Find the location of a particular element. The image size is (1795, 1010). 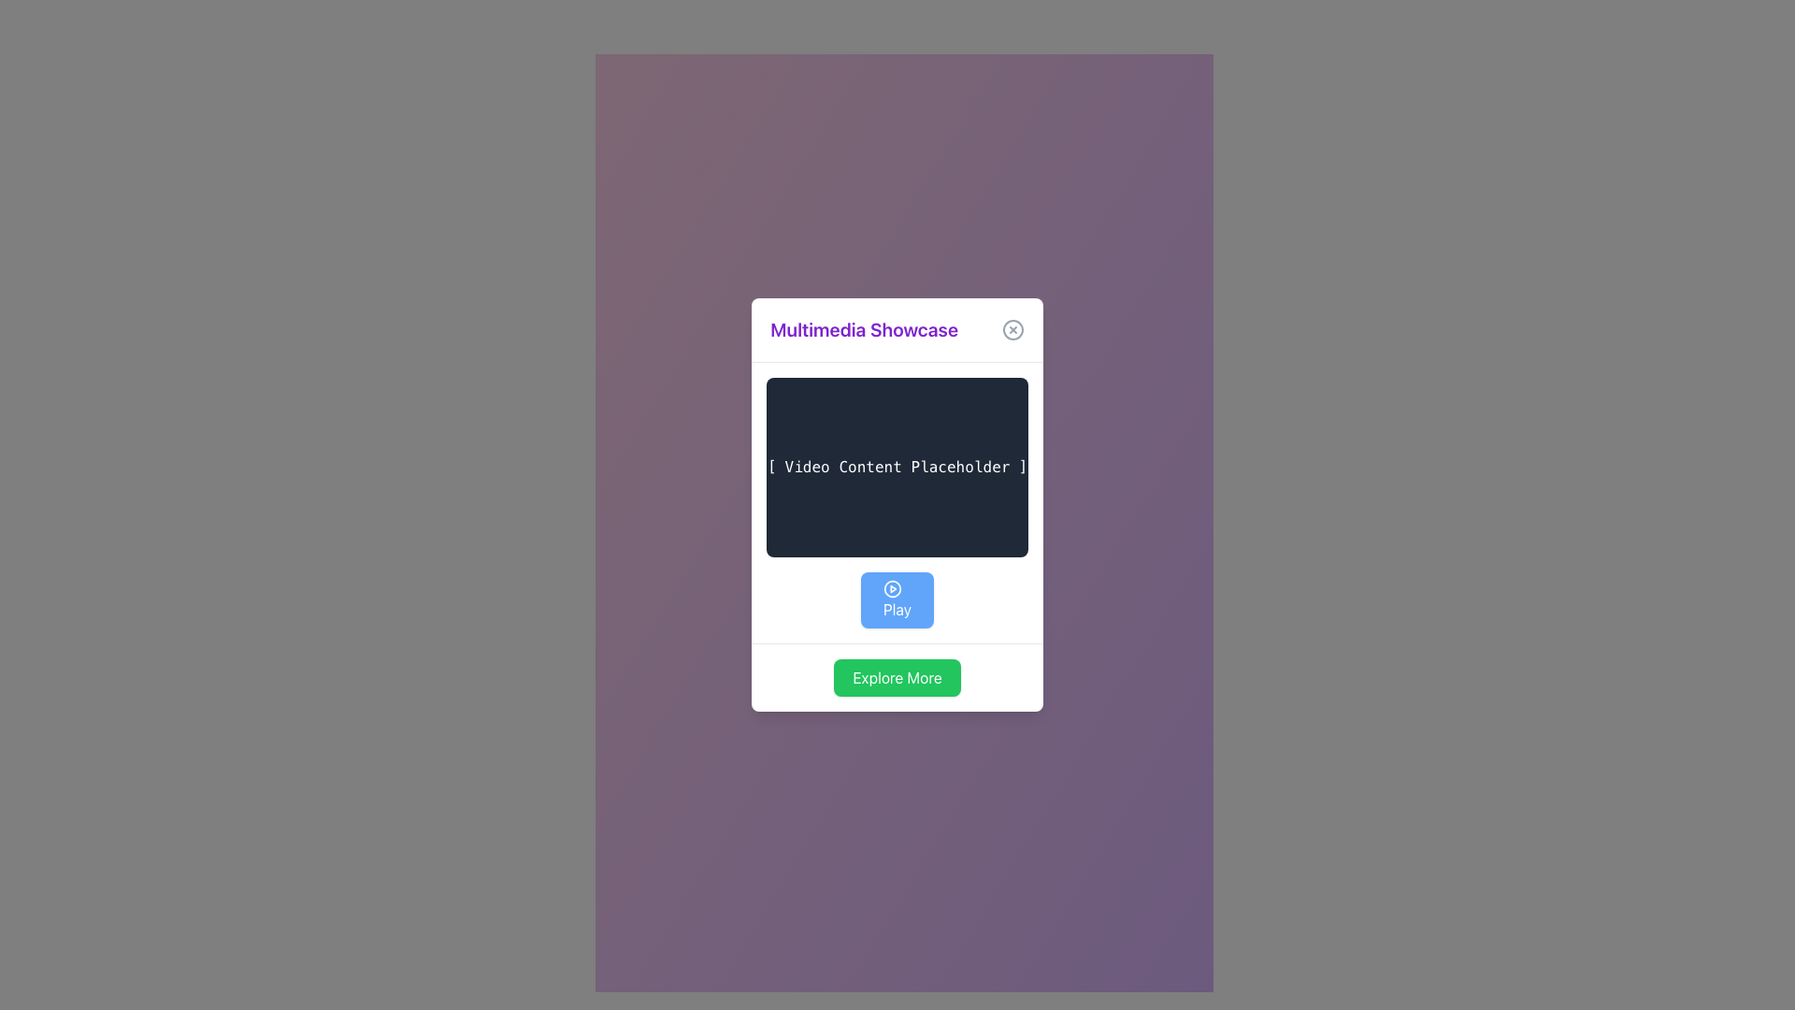

the static visual placeholder for video content, which is centrally located in the upper section of the card above the 'Play' button and the green 'Explore More' button is located at coordinates (897, 467).